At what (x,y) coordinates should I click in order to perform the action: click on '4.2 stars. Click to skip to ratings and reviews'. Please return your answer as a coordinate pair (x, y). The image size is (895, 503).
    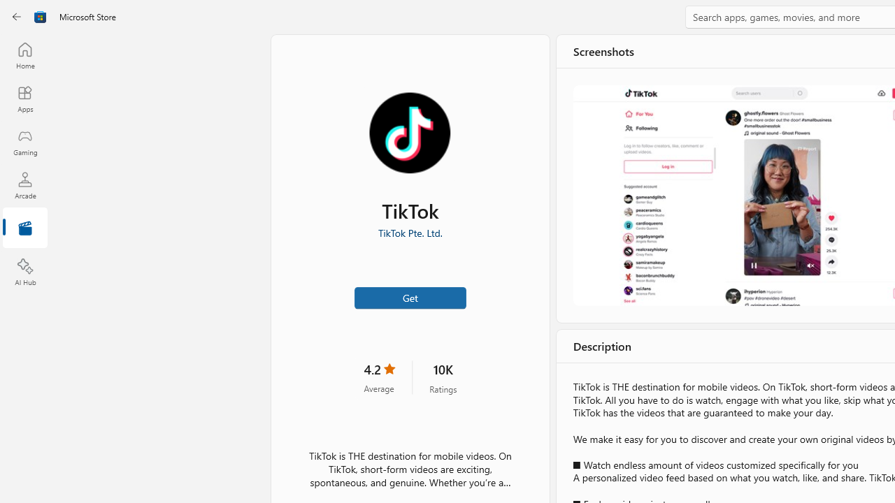
    Looking at the image, I should click on (379, 377).